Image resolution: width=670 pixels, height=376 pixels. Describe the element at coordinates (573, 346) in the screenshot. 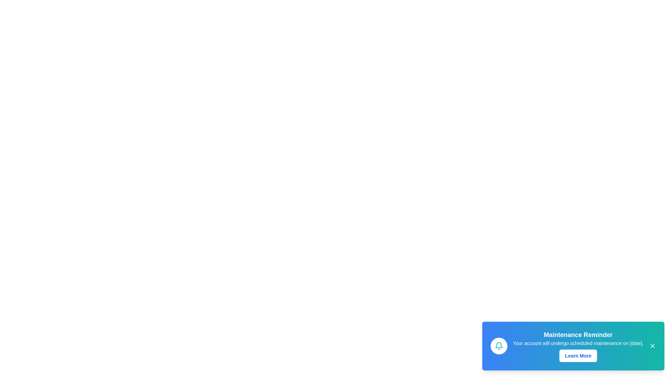

I see `the 'Learn More' button located within the Notification panel that displays the title 'Maintenance Reminder' with a blue to teal gradient background` at that location.